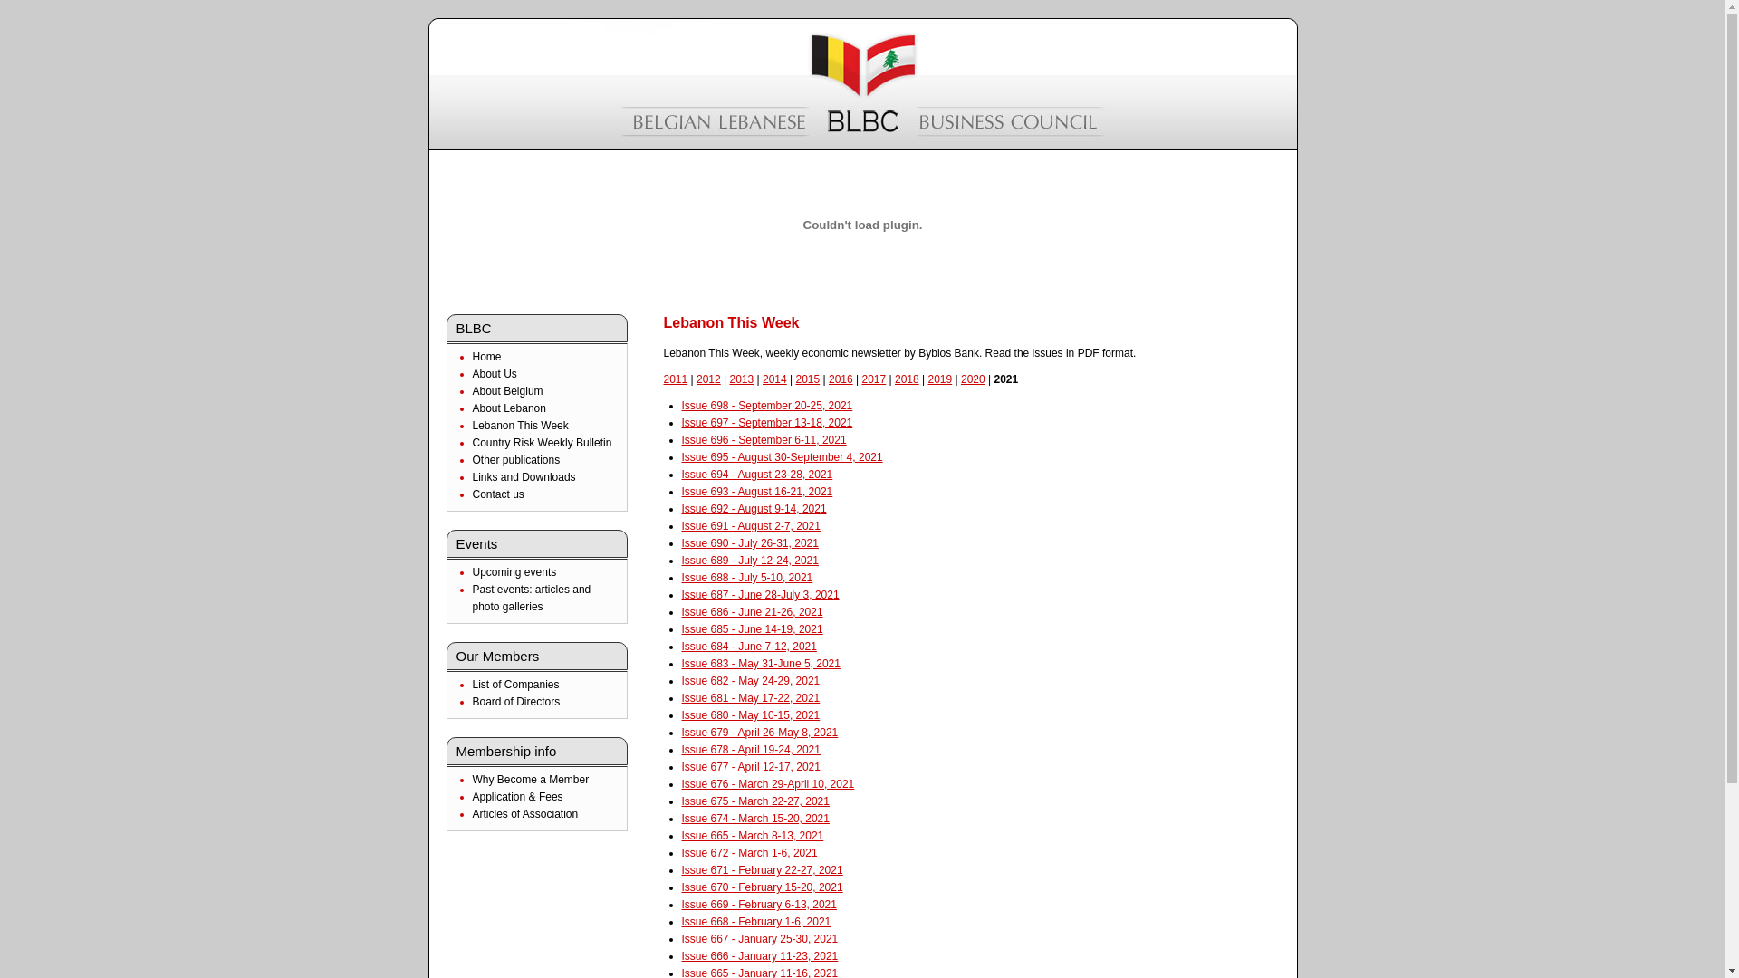  Describe the element at coordinates (680, 611) in the screenshot. I see `'Issue 686 - June 21-26, 2021'` at that location.